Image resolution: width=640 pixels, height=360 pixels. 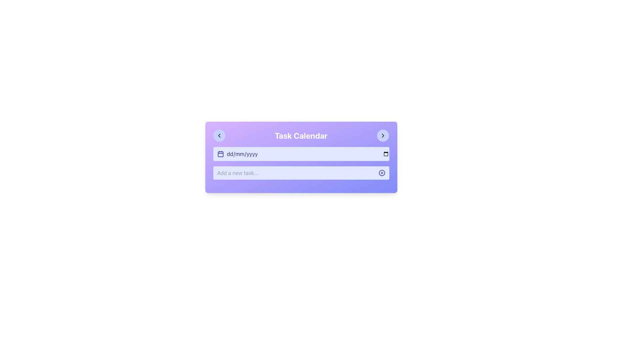 I want to click on the Chevron Icon located at the top-right corner of the task scheduling panel, so click(x=383, y=135).